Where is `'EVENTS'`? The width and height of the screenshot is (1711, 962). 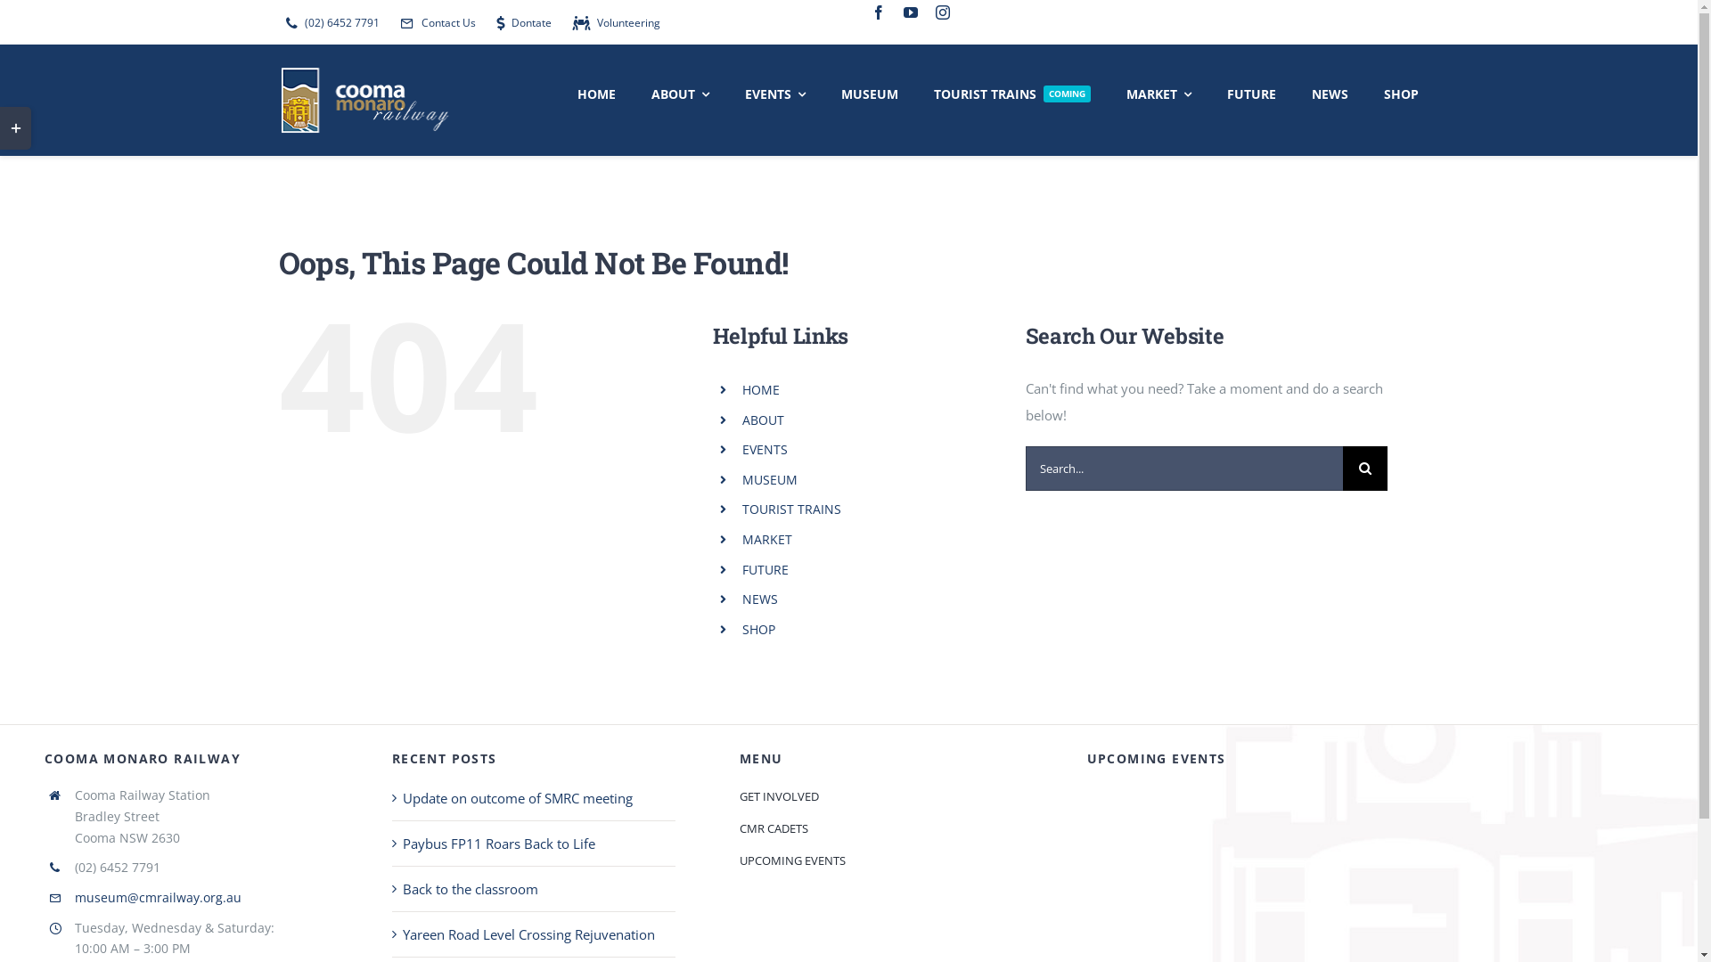
'EVENTS' is located at coordinates (774, 92).